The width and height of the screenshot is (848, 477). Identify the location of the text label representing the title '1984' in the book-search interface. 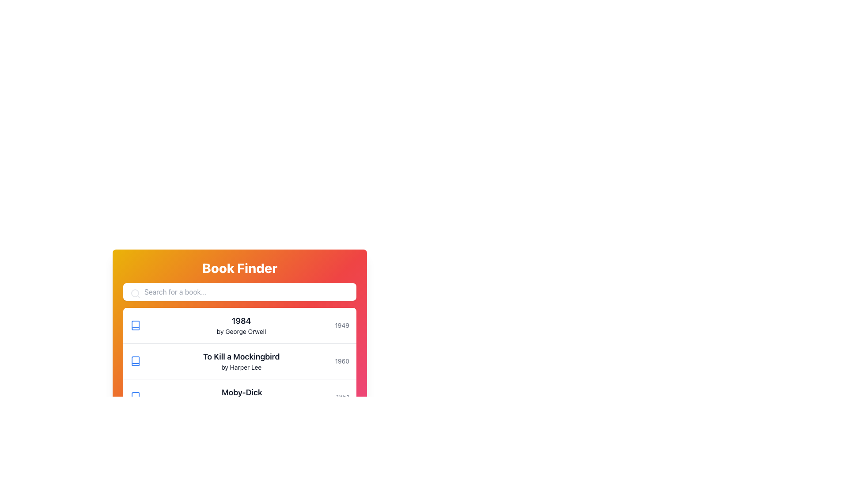
(241, 321).